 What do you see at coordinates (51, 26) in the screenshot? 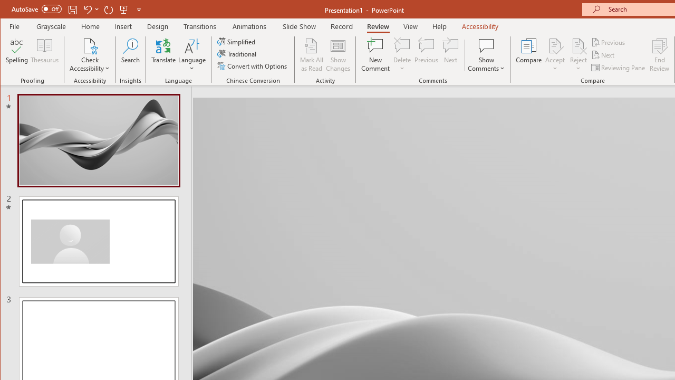
I see `'Grayscale'` at bounding box center [51, 26].